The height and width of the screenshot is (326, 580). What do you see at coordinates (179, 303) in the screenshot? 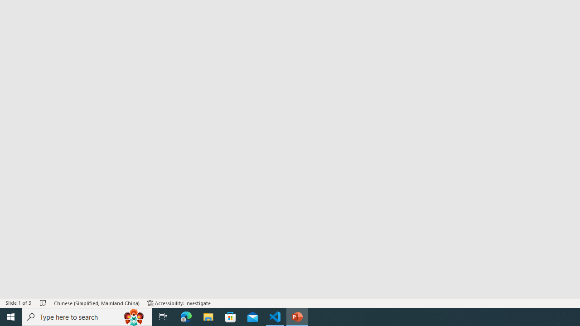
I see `'Accessibility Checker Accessibility: Investigate'` at bounding box center [179, 303].